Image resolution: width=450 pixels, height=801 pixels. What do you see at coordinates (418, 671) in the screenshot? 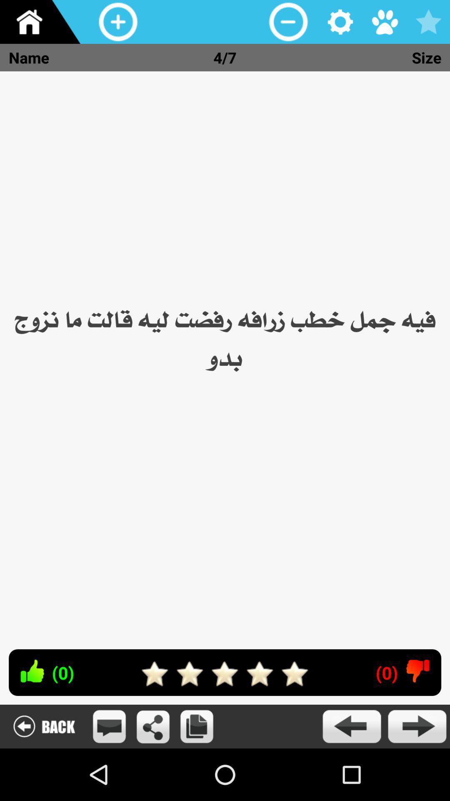
I see `down vote the content` at bounding box center [418, 671].